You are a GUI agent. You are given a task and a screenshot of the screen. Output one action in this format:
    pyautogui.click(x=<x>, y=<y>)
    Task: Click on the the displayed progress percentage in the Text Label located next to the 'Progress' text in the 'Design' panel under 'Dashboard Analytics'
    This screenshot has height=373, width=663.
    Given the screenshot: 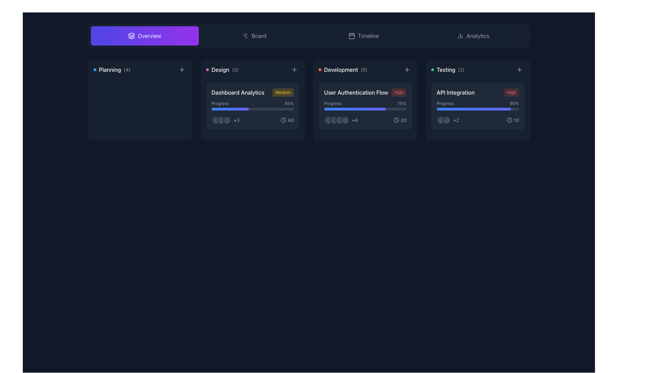 What is the action you would take?
    pyautogui.click(x=289, y=104)
    